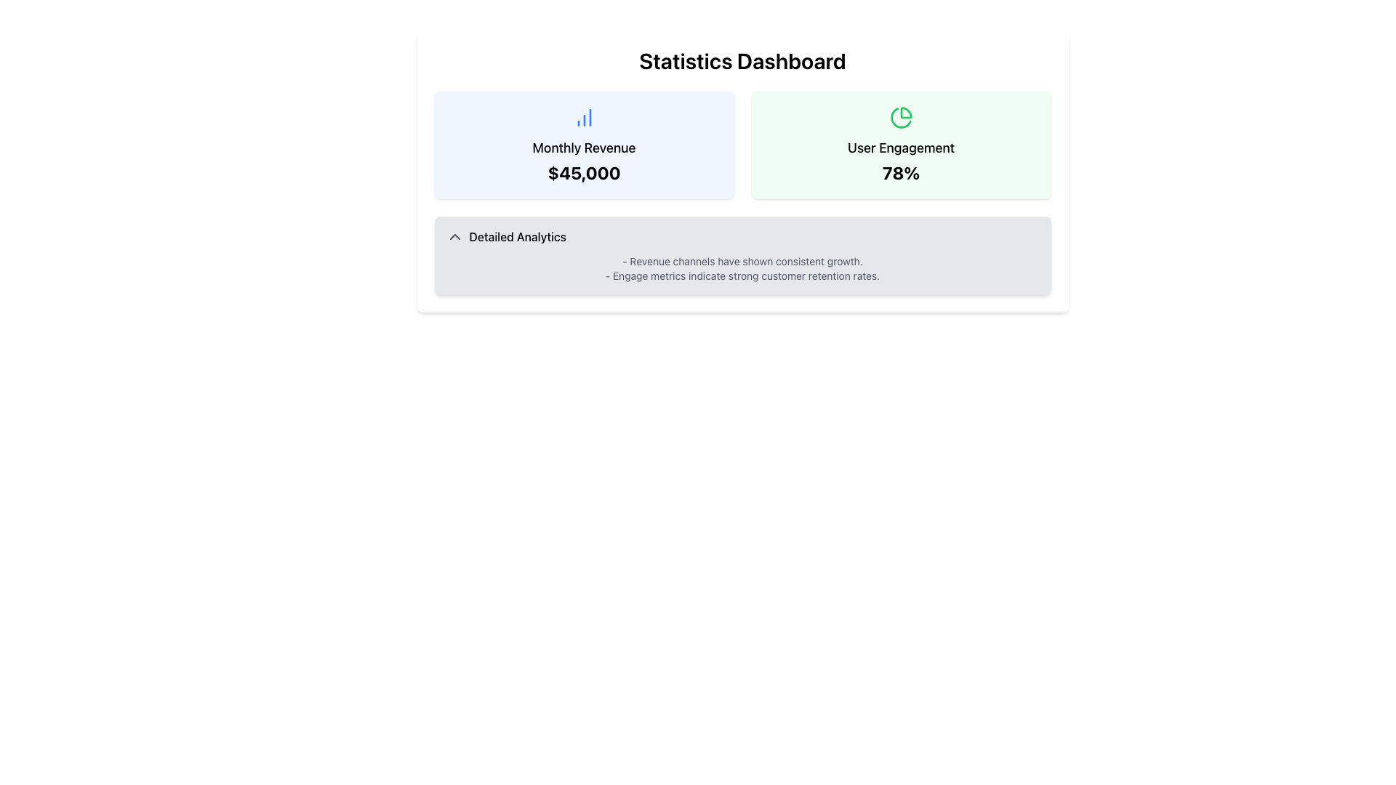  Describe the element at coordinates (742, 276) in the screenshot. I see `the text element displaying '- Engage metrics indicate strong customer retention rates.' which is the second item in the 'Detailed Analytics' section` at that location.